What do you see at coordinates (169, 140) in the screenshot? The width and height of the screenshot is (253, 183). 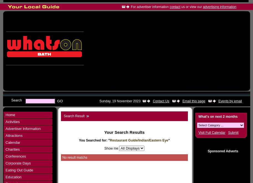 I see `'"'` at bounding box center [169, 140].